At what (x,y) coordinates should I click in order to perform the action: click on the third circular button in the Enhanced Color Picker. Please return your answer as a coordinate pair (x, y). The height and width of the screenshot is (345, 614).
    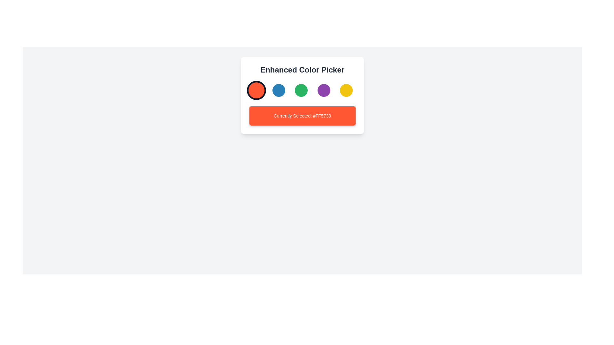
    Looking at the image, I should click on (302, 96).